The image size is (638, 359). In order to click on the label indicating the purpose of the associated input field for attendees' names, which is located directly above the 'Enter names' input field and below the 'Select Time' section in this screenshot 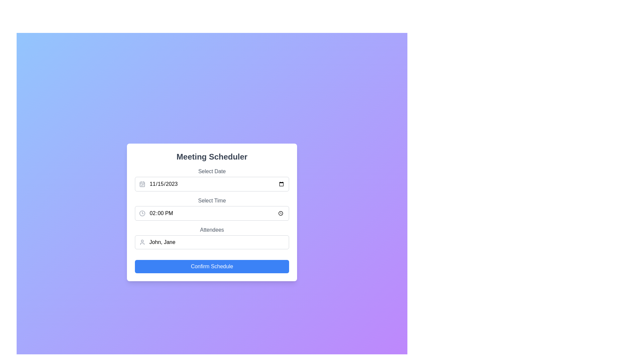, I will do `click(212, 229)`.